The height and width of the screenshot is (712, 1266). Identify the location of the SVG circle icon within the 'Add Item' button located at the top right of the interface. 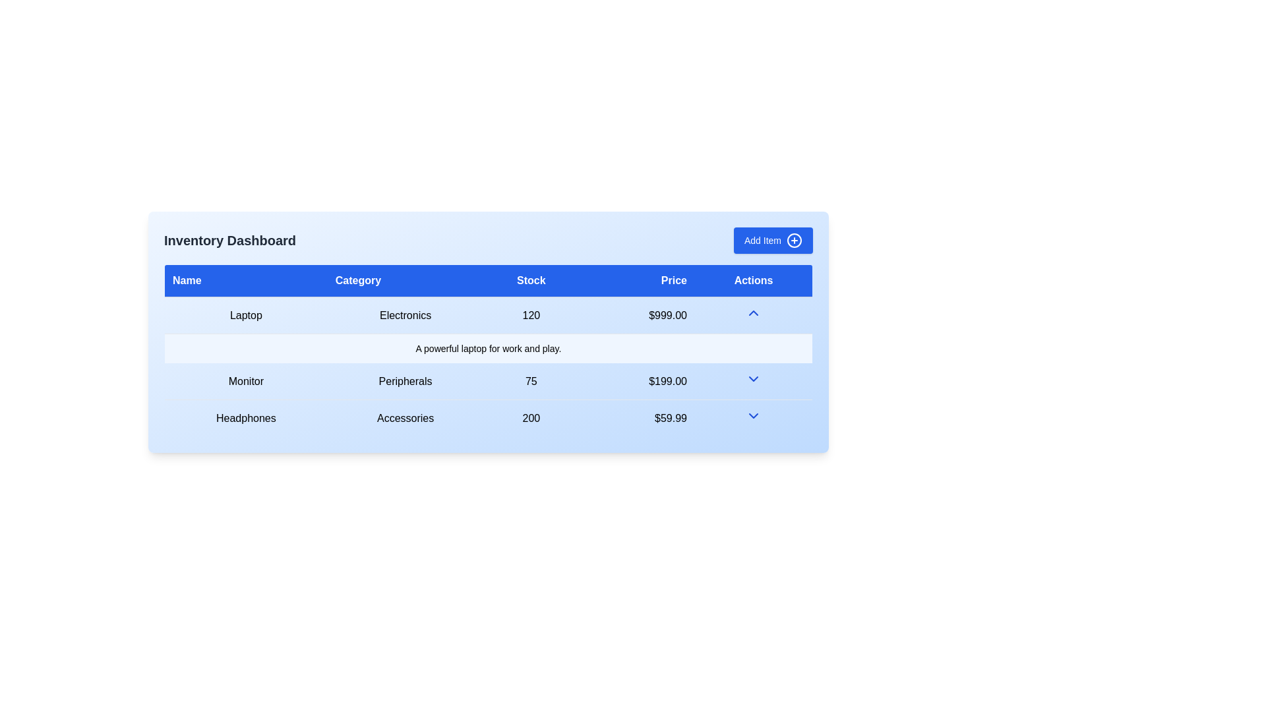
(793, 241).